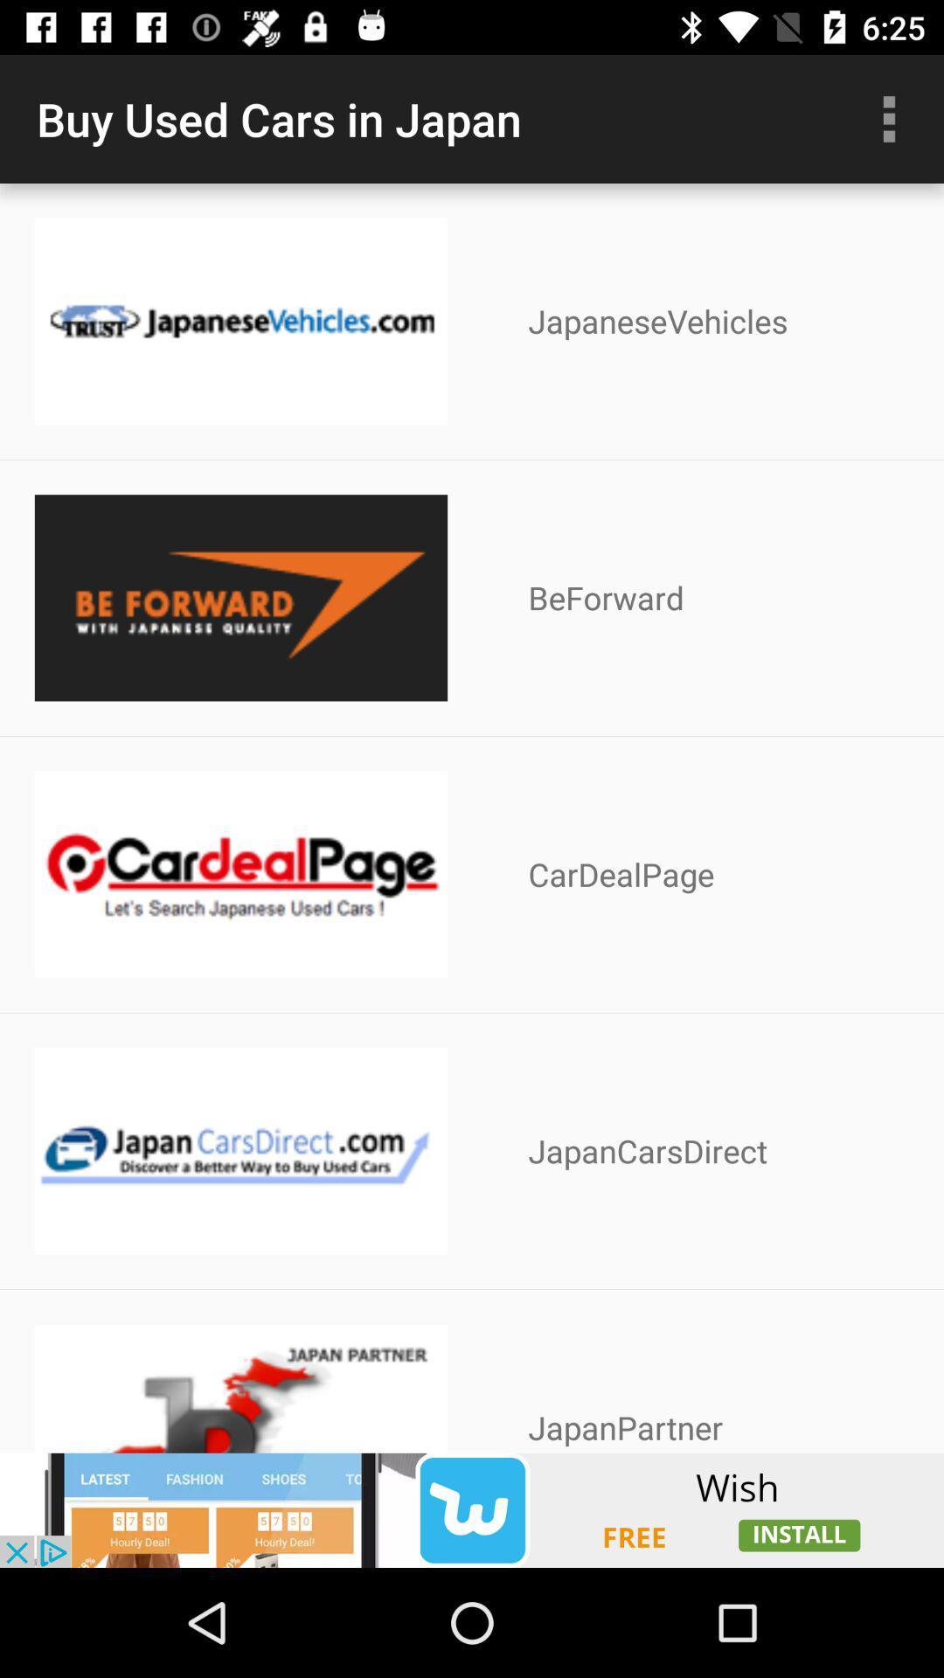 The image size is (944, 1678). Describe the element at coordinates (889, 118) in the screenshot. I see `settings` at that location.